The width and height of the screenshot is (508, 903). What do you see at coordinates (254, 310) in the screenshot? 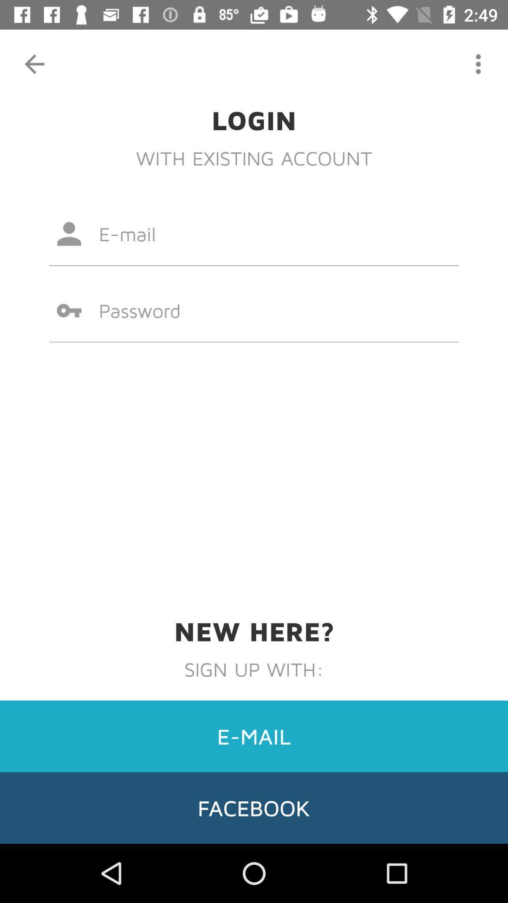
I see `login password` at bounding box center [254, 310].